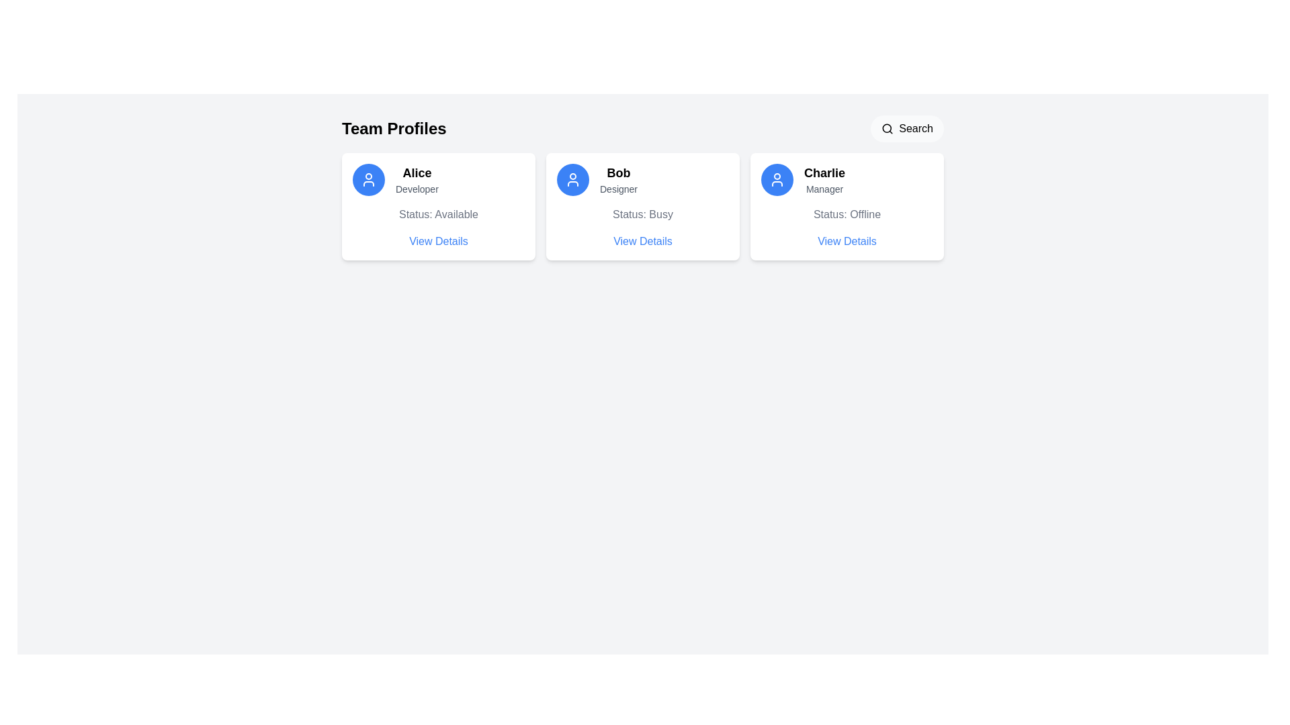  Describe the element at coordinates (847, 240) in the screenshot. I see `the blue text link reading 'View Details' located at the lower part of the card layout titled 'Charlie' with the subtitle 'Manager'` at that location.